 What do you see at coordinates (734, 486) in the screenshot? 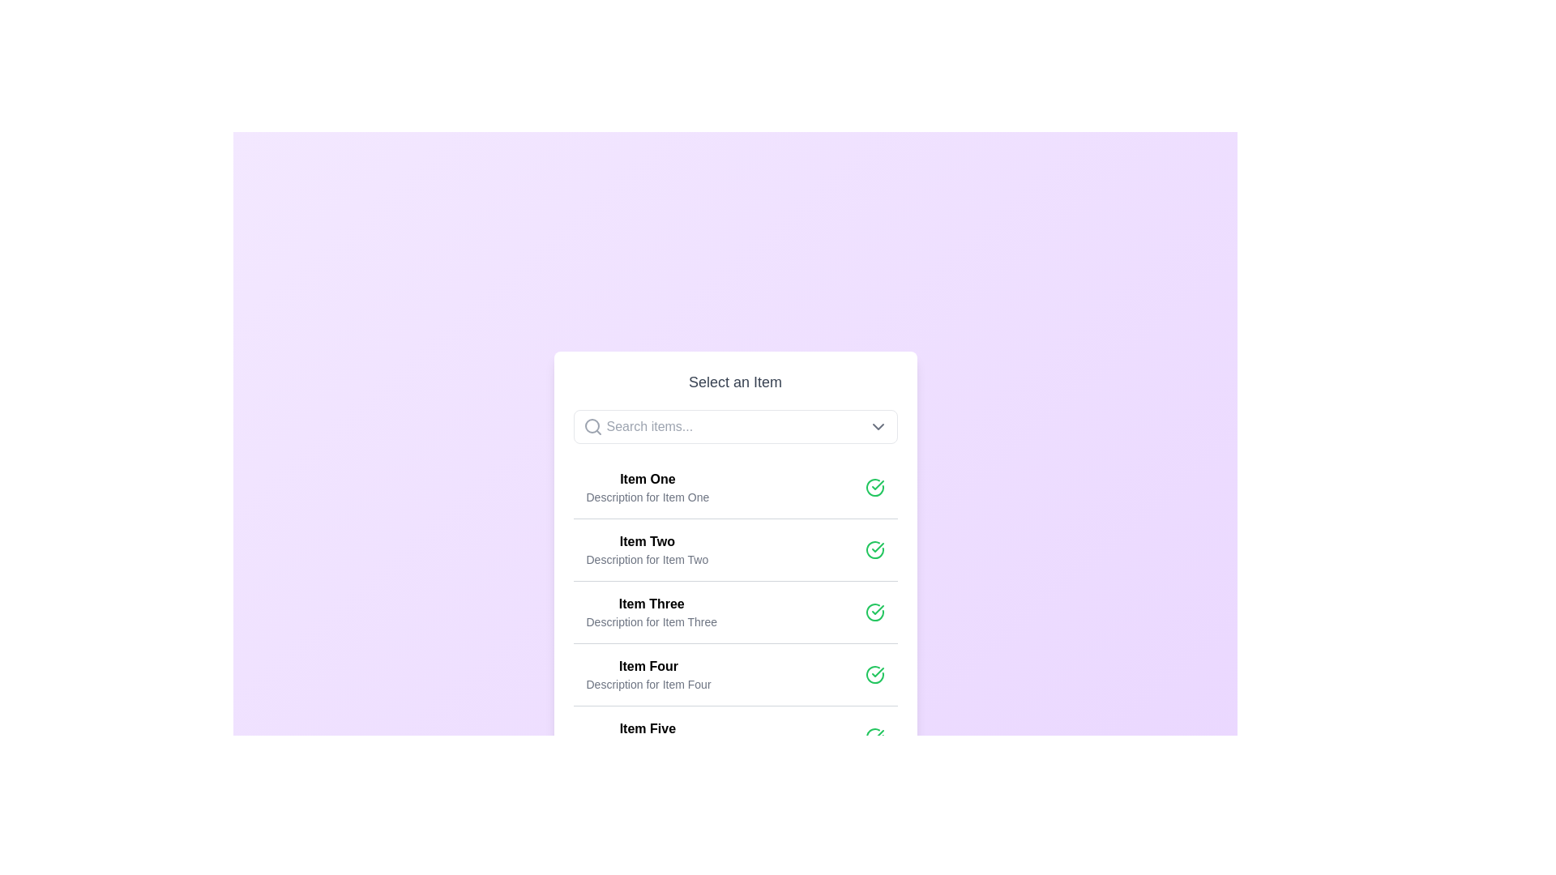
I see `the first selectable list item in the dialog interface` at bounding box center [734, 486].